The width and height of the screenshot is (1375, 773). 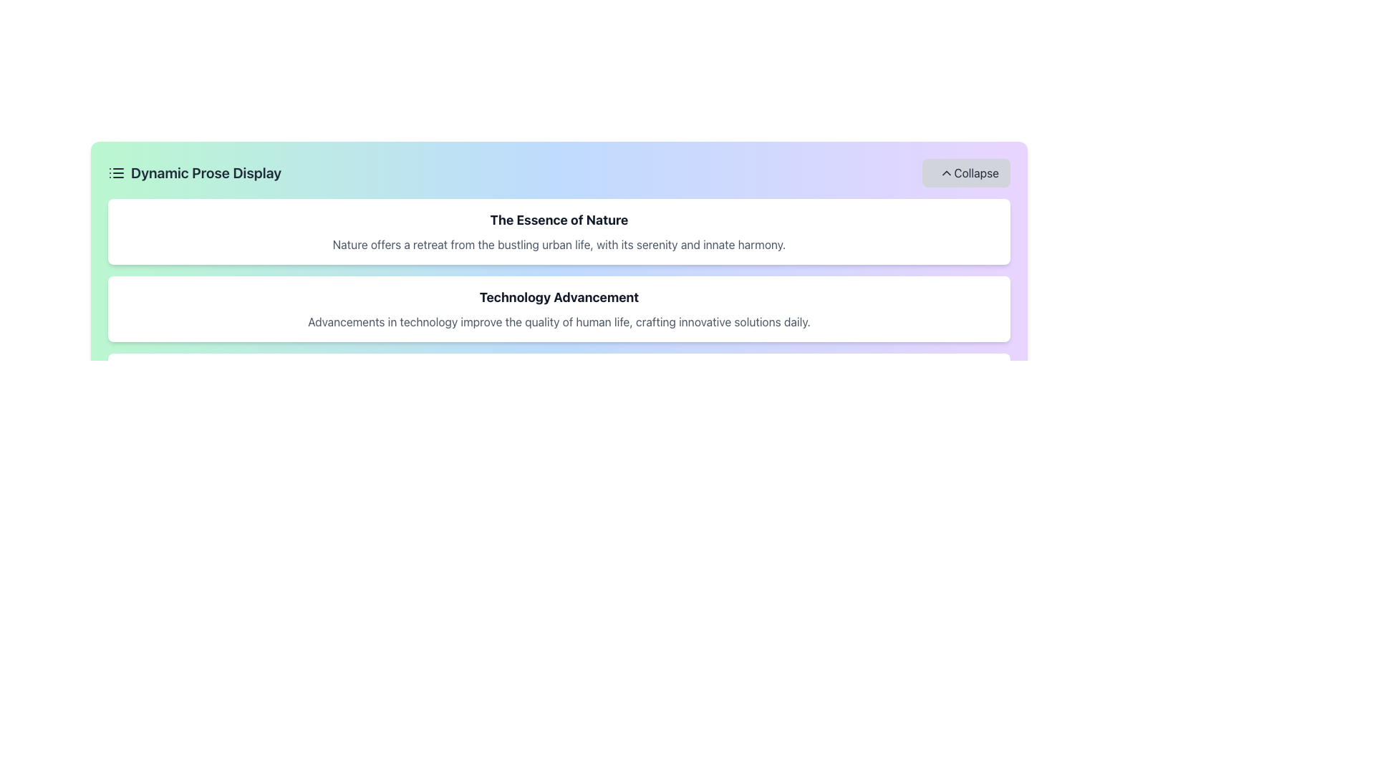 I want to click on the text element reading 'Advancements in technology improve the quality of human life, crafting innovative solutions daily.' which is styled in gray and located beneath the heading 'Technology Advancement', so click(x=559, y=322).